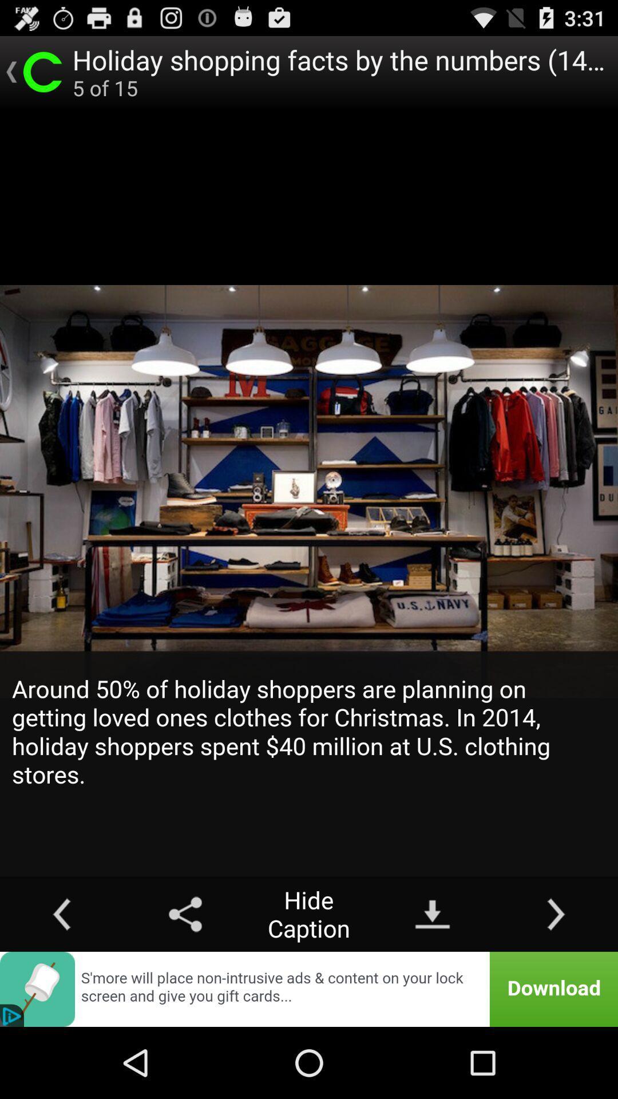 The width and height of the screenshot is (618, 1099). What do you see at coordinates (185, 914) in the screenshot?
I see `button next to hide caption` at bounding box center [185, 914].